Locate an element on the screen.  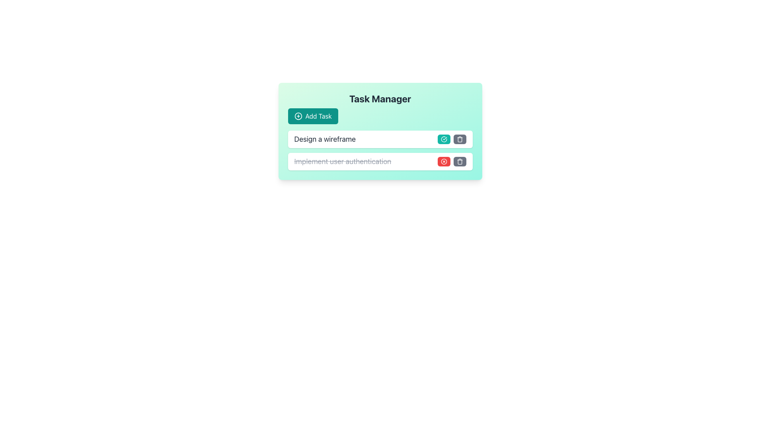
the 'Add Task' text label, which is displayed in white font on a teal green rectangular background, prominently positioned at the top left of the task management interface is located at coordinates (318, 116).